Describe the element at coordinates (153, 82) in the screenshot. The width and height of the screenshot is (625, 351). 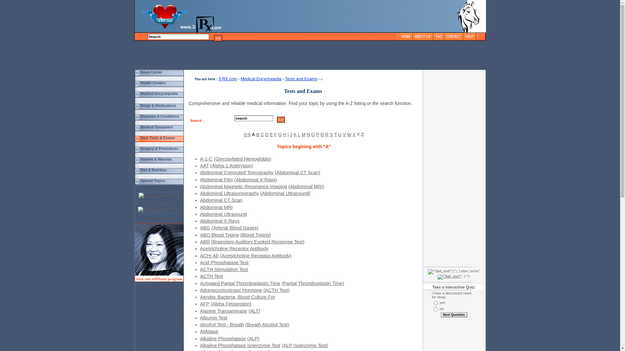
I see `'Health Centers'` at that location.